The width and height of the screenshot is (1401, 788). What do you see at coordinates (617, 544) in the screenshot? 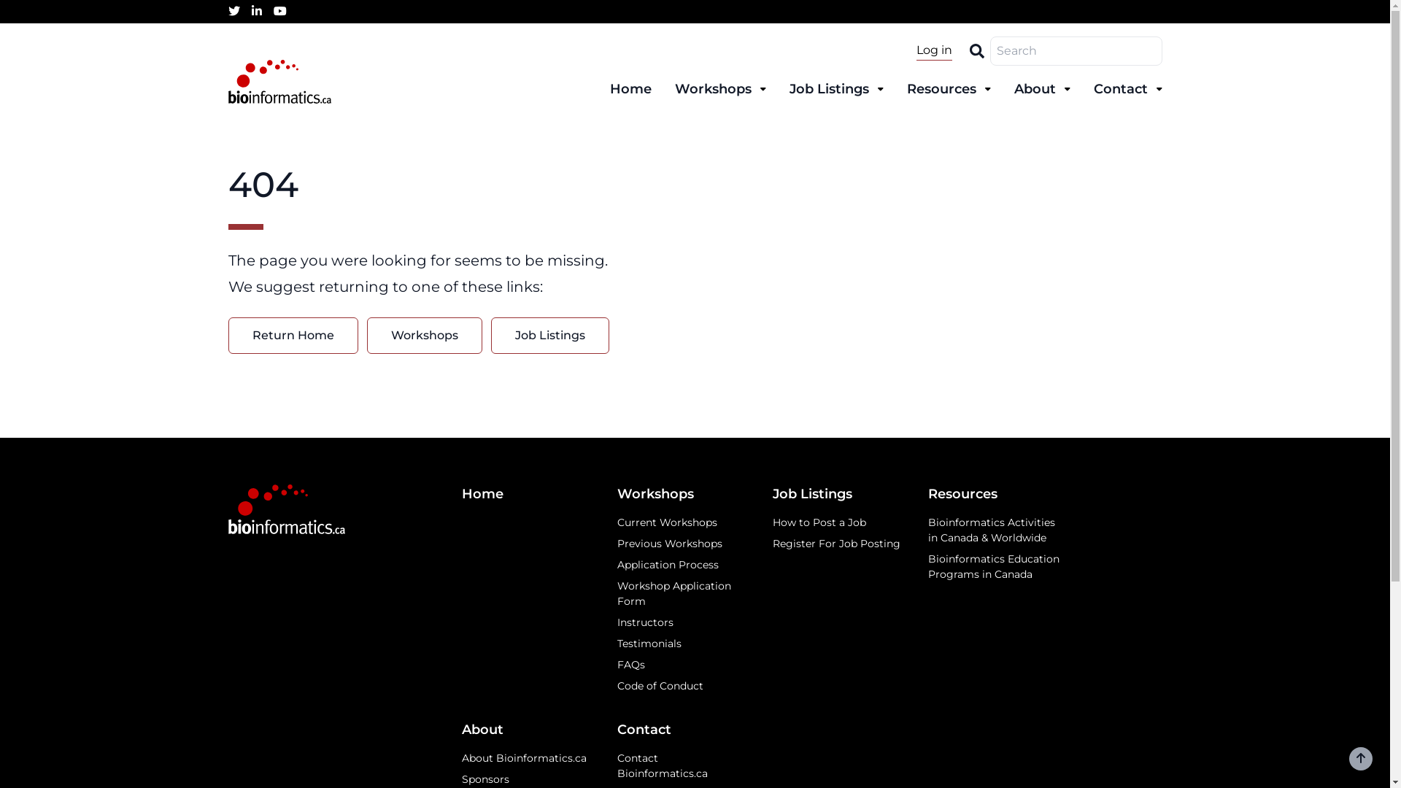
I see `'Previous Workshops'` at bounding box center [617, 544].